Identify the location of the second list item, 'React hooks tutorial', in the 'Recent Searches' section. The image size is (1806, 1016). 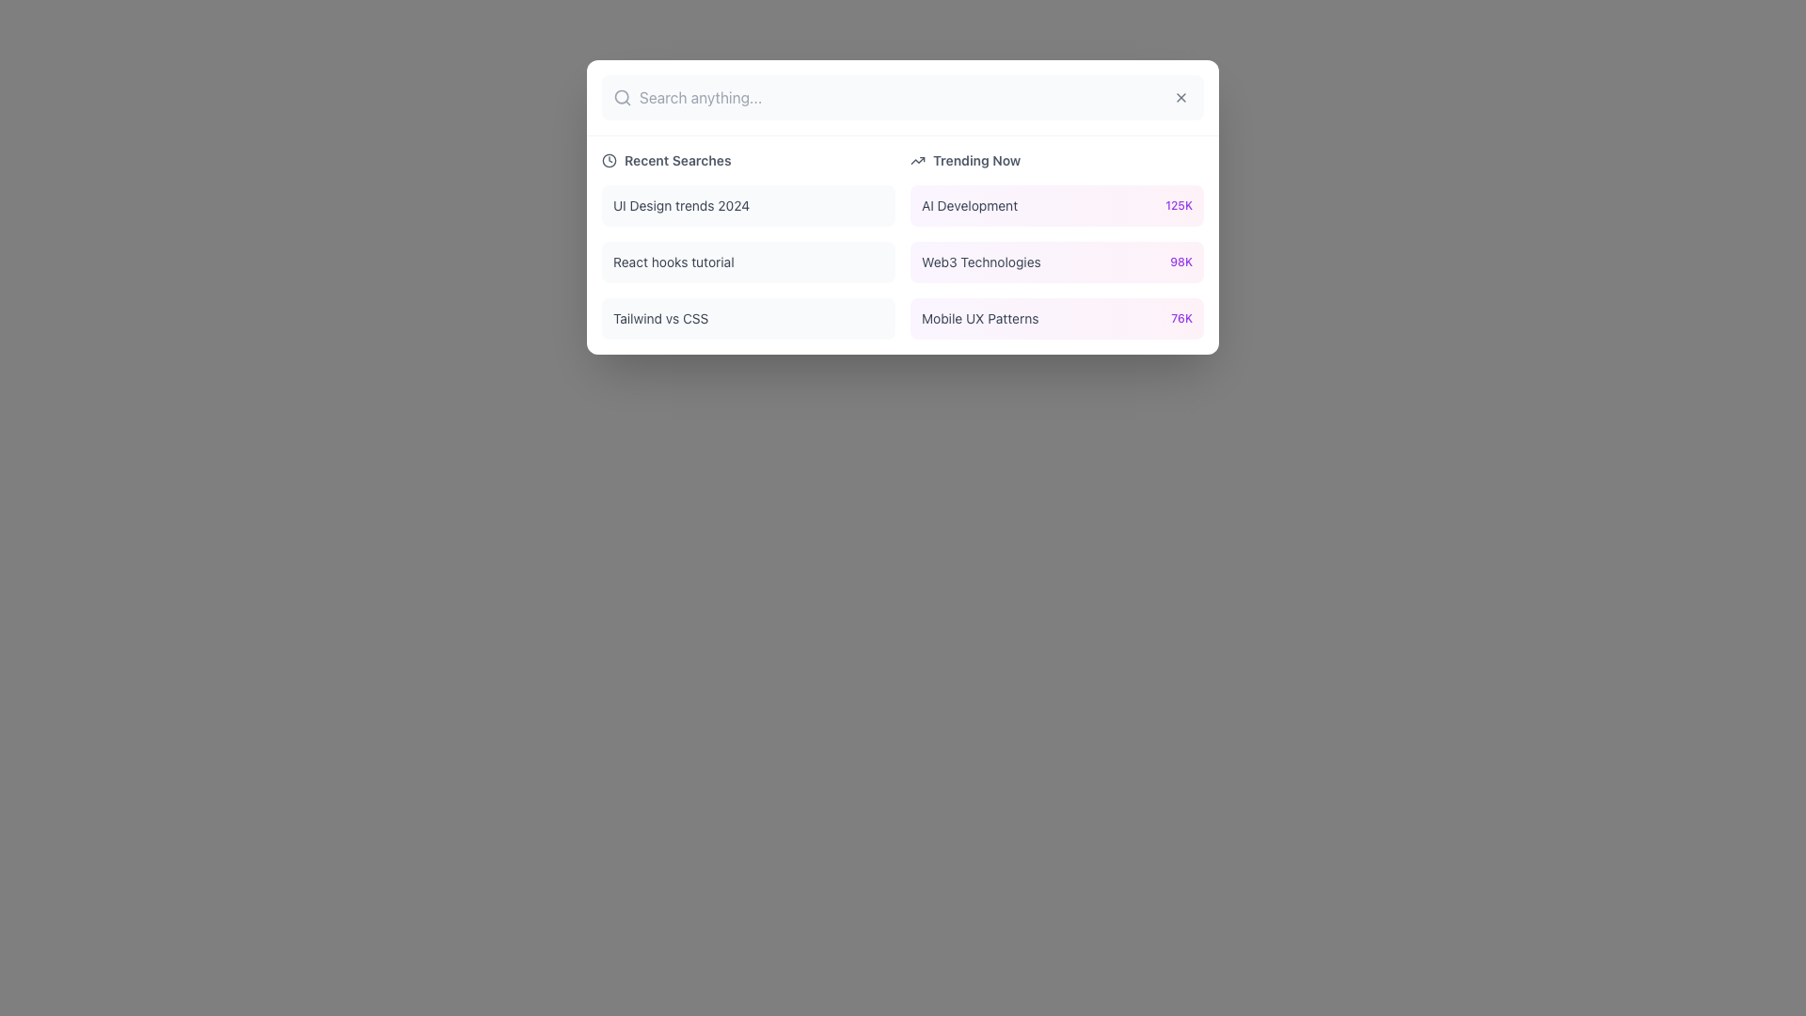
(748, 245).